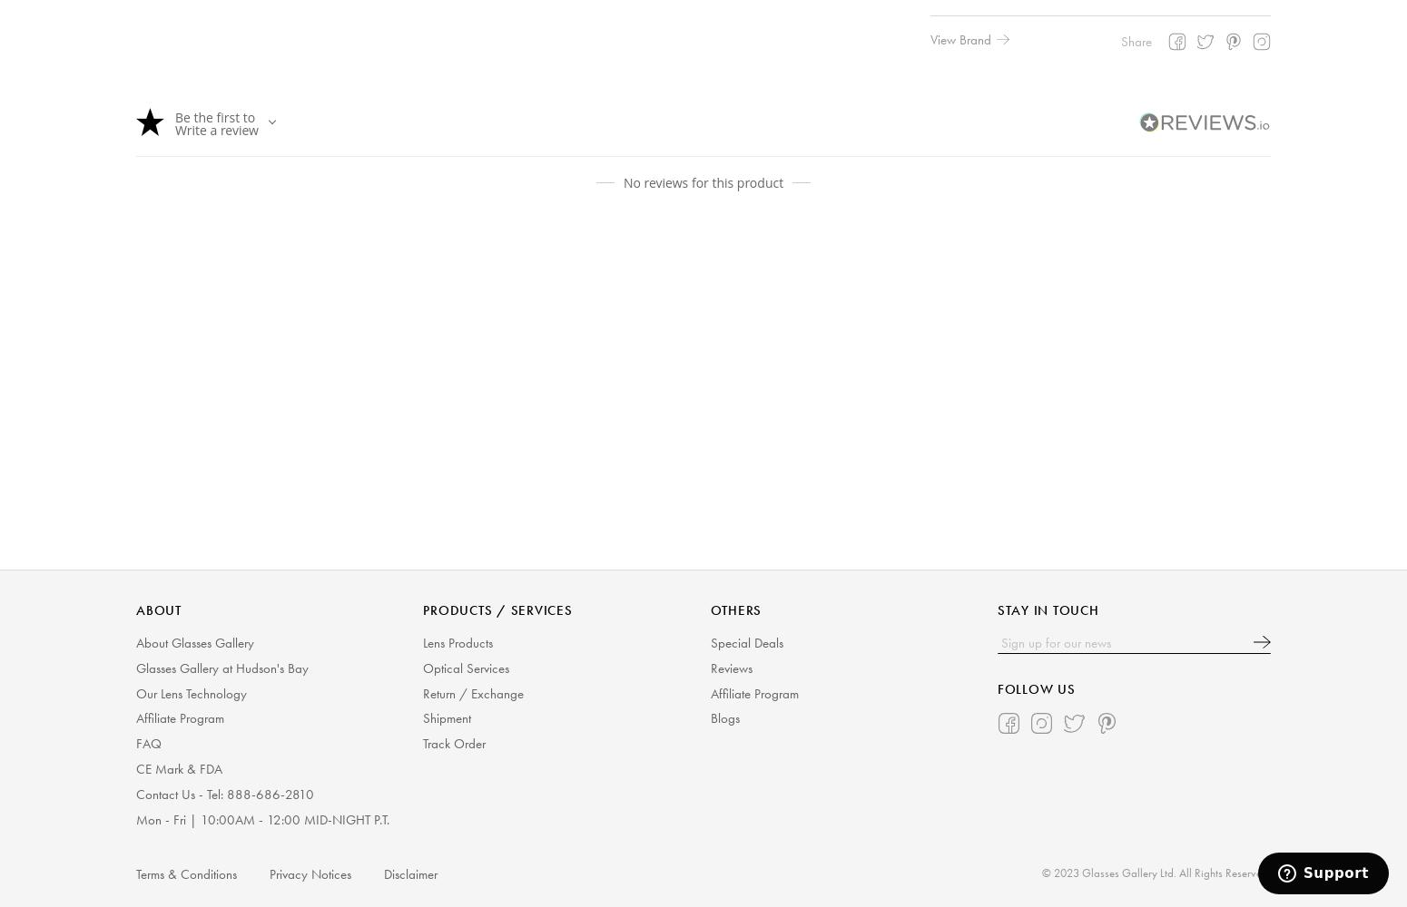  Describe the element at coordinates (157, 610) in the screenshot. I see `'ABOUT'` at that location.